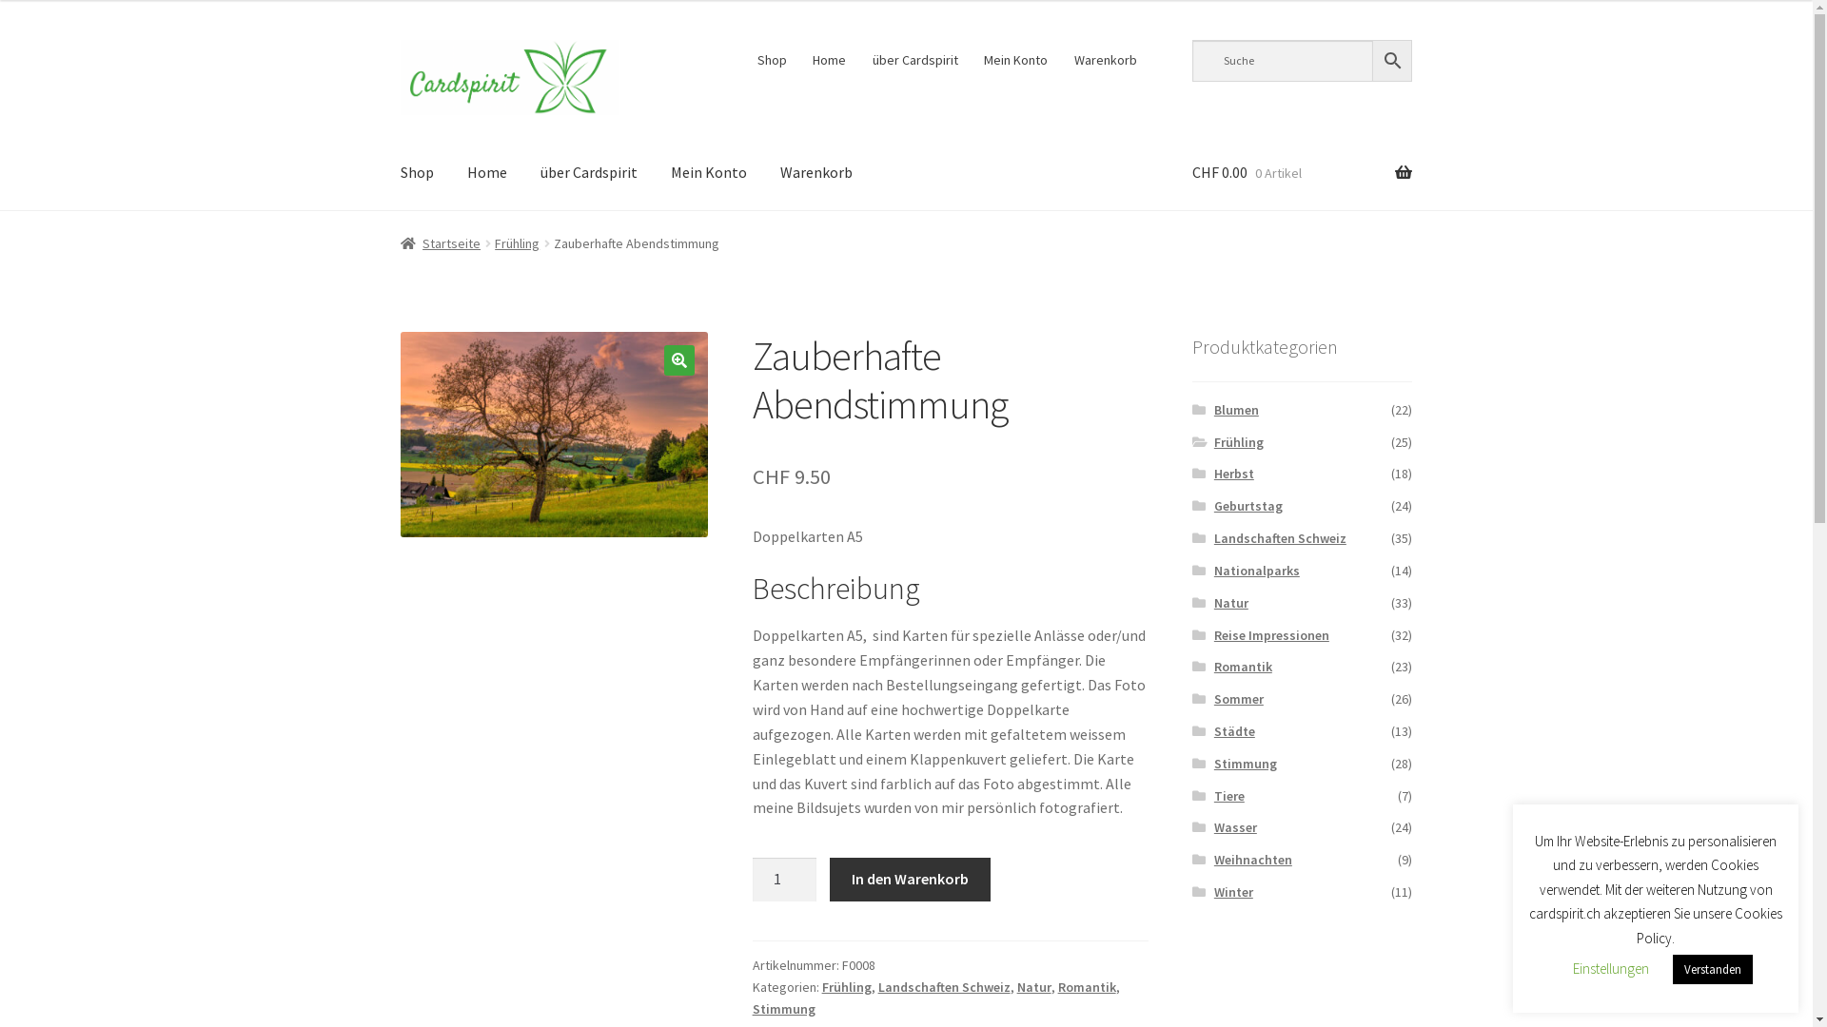  Describe the element at coordinates (416, 172) in the screenshot. I see `'Shop'` at that location.